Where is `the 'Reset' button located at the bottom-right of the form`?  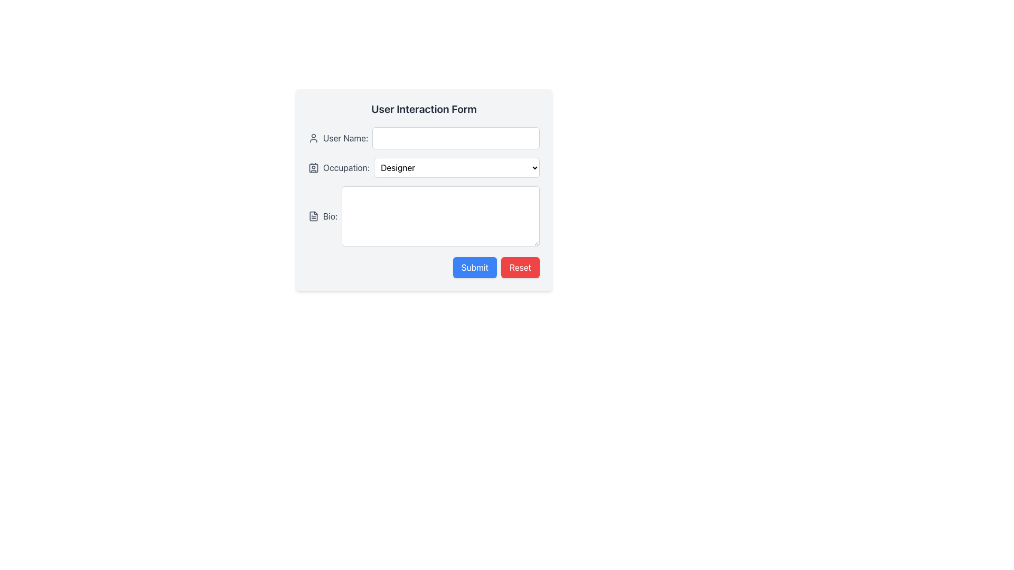
the 'Reset' button located at the bottom-right of the form is located at coordinates (520, 267).